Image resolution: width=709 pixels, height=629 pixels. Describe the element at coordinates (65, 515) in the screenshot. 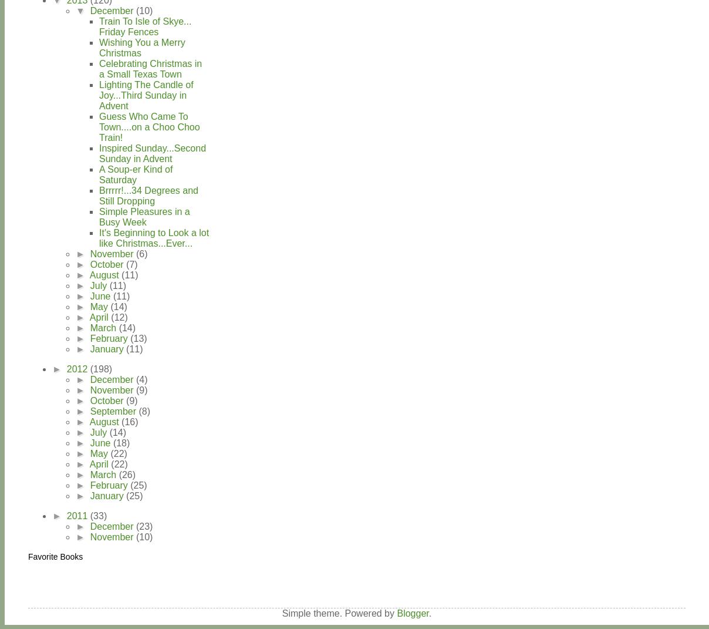

I see `'2011'` at that location.